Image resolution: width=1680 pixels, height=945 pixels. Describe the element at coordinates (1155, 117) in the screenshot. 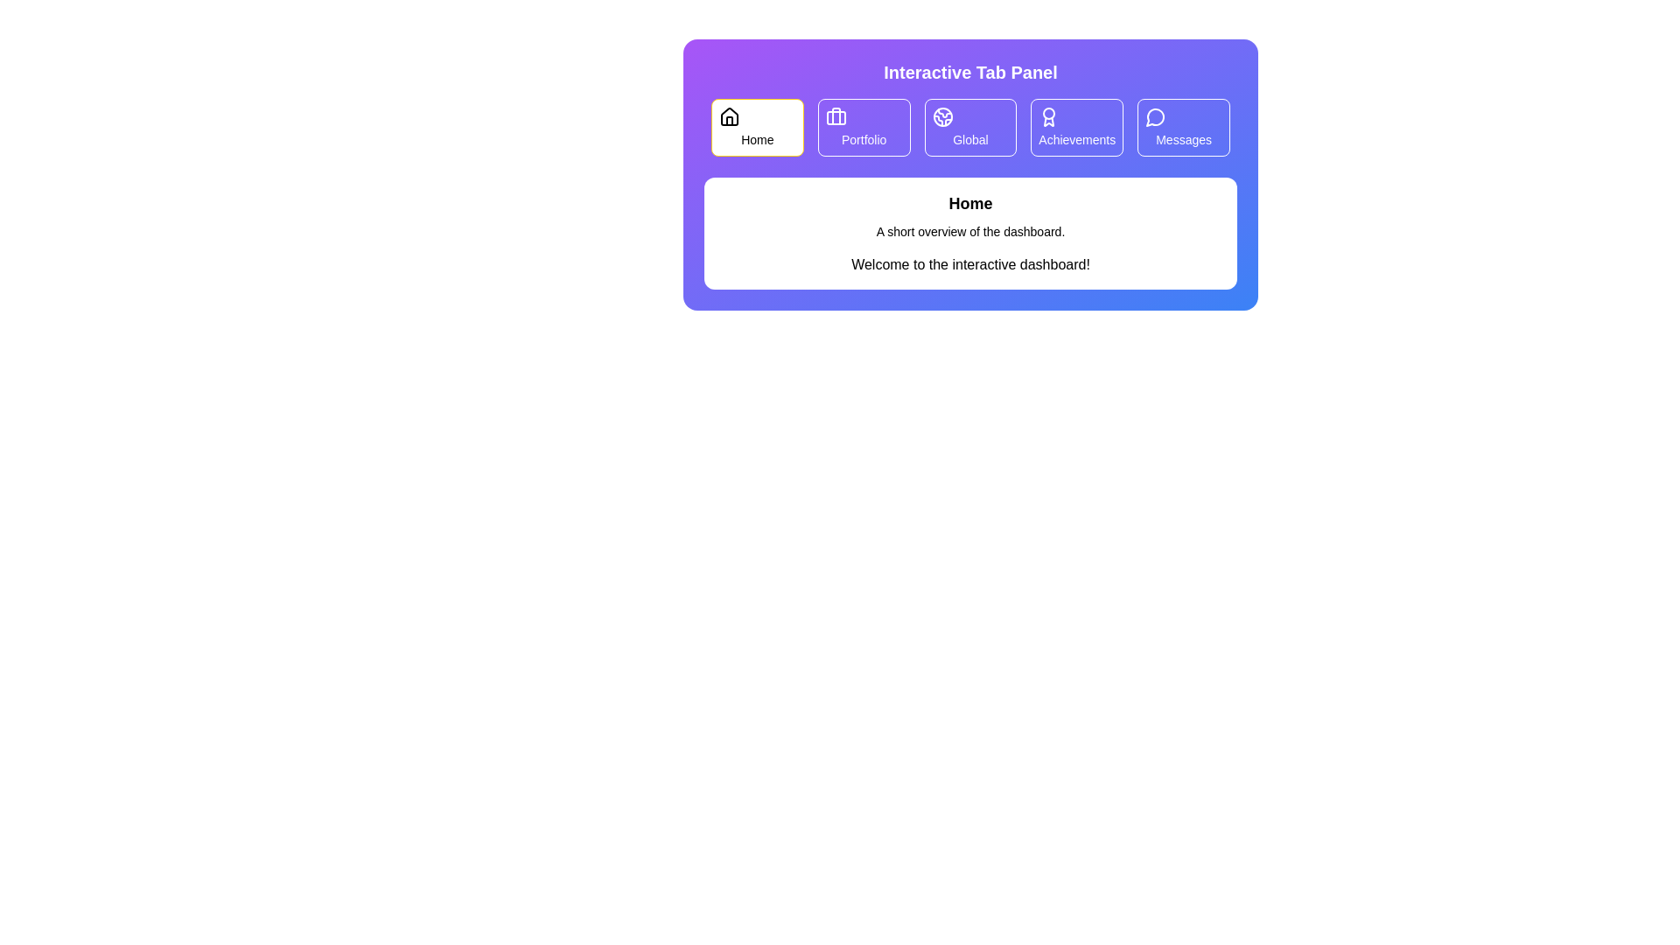

I see `the Messages icon located at the top-right corner of the primary tab panel` at that location.